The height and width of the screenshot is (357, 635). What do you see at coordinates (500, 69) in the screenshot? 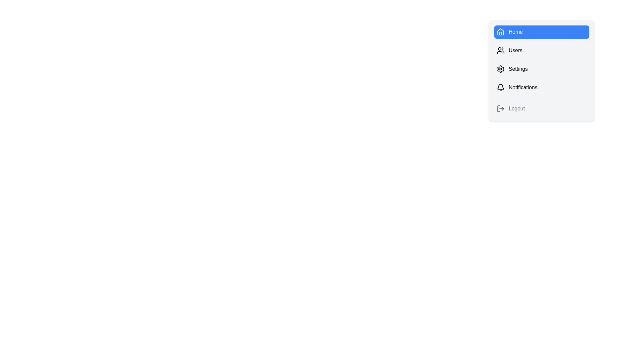
I see `the gear icon for 'Settings' located in the sidebar menu, positioned third after 'Home' and 'Users', to prepare for further interaction` at bounding box center [500, 69].